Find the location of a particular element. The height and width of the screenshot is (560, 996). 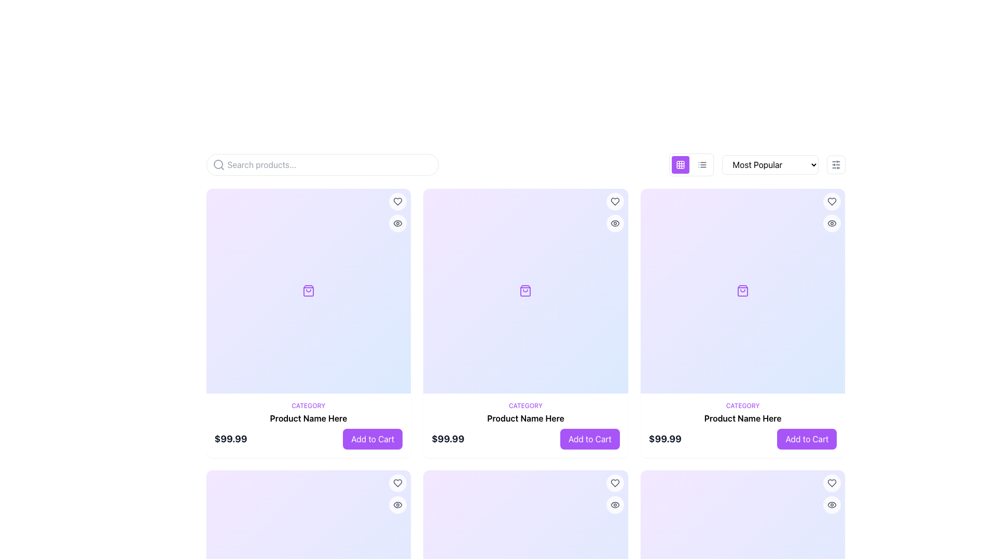

the layout toggle button located at the top right section of the interface is located at coordinates (680, 164).